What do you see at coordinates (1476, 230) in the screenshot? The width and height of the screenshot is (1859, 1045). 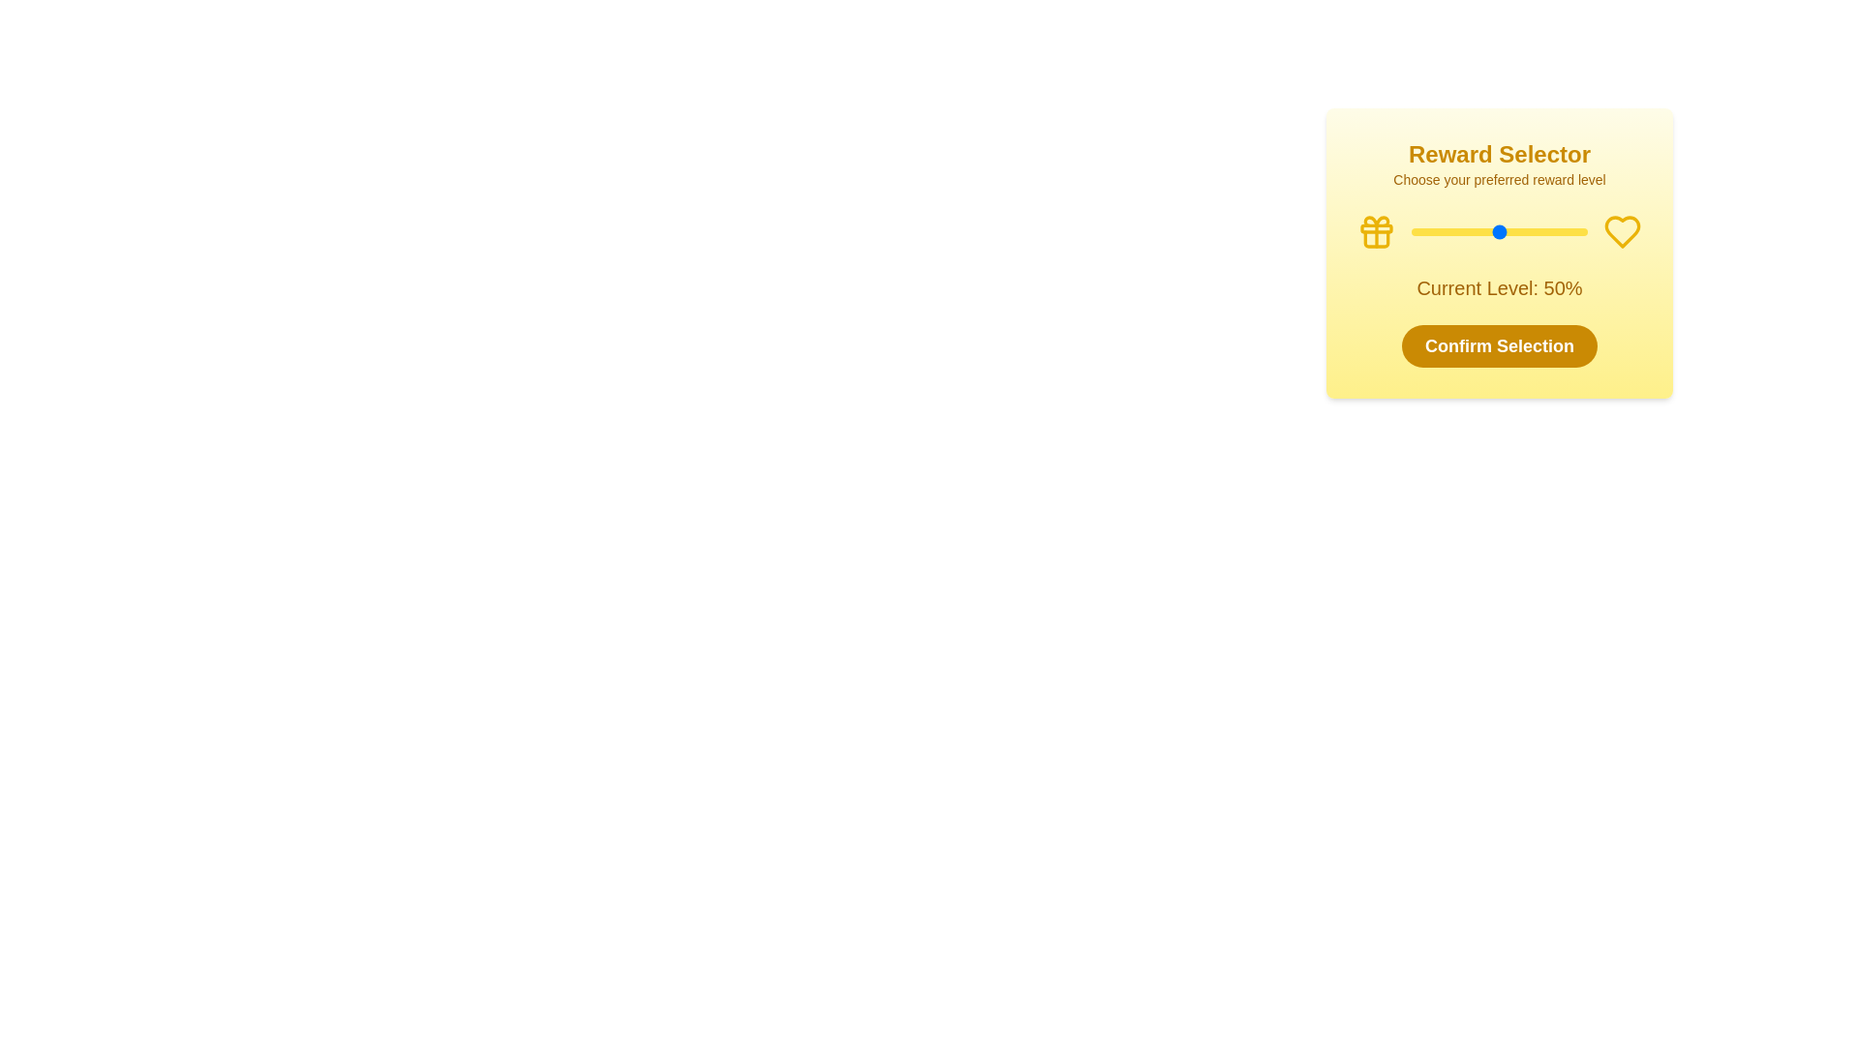 I see `the reward level` at bounding box center [1476, 230].